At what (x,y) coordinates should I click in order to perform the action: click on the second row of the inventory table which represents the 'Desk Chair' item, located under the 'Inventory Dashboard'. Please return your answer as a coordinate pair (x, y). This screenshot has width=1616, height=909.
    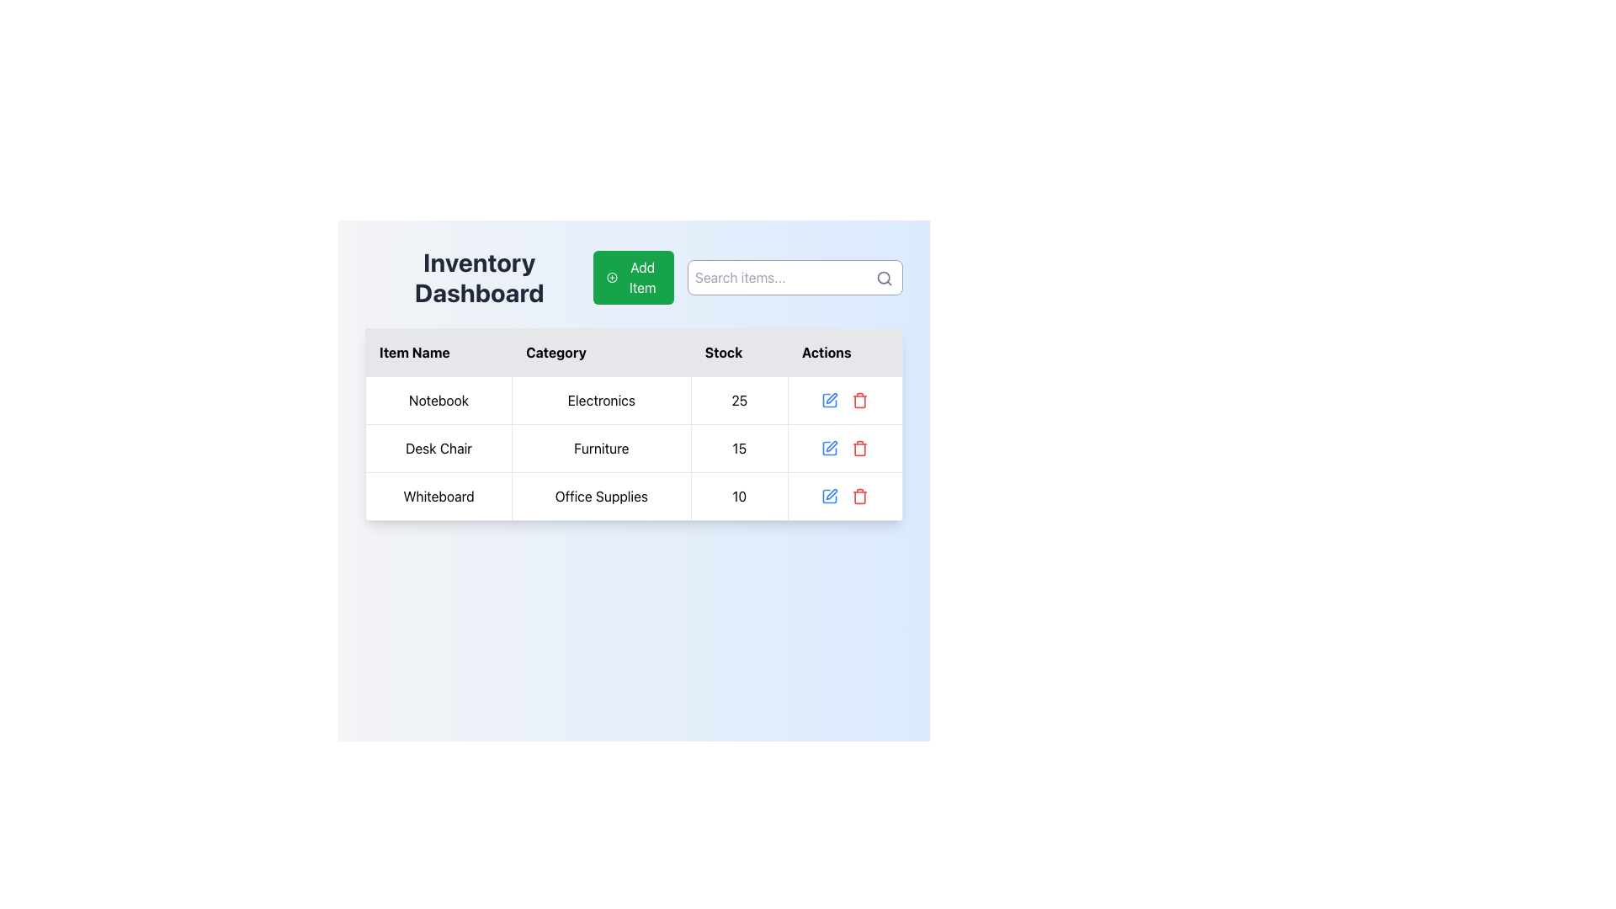
    Looking at the image, I should click on (633, 447).